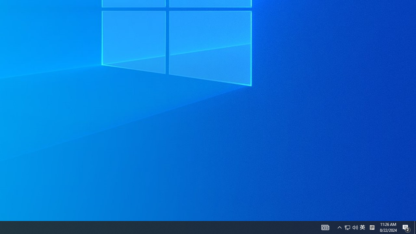 This screenshot has height=234, width=416. I want to click on 'Q2790: 100%', so click(355, 227).